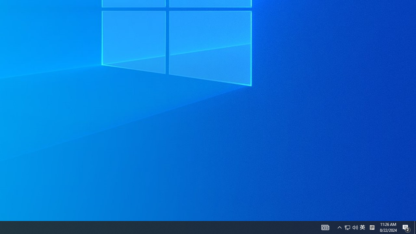 This screenshot has height=234, width=416. I want to click on 'Q2790: 100%', so click(355, 227).